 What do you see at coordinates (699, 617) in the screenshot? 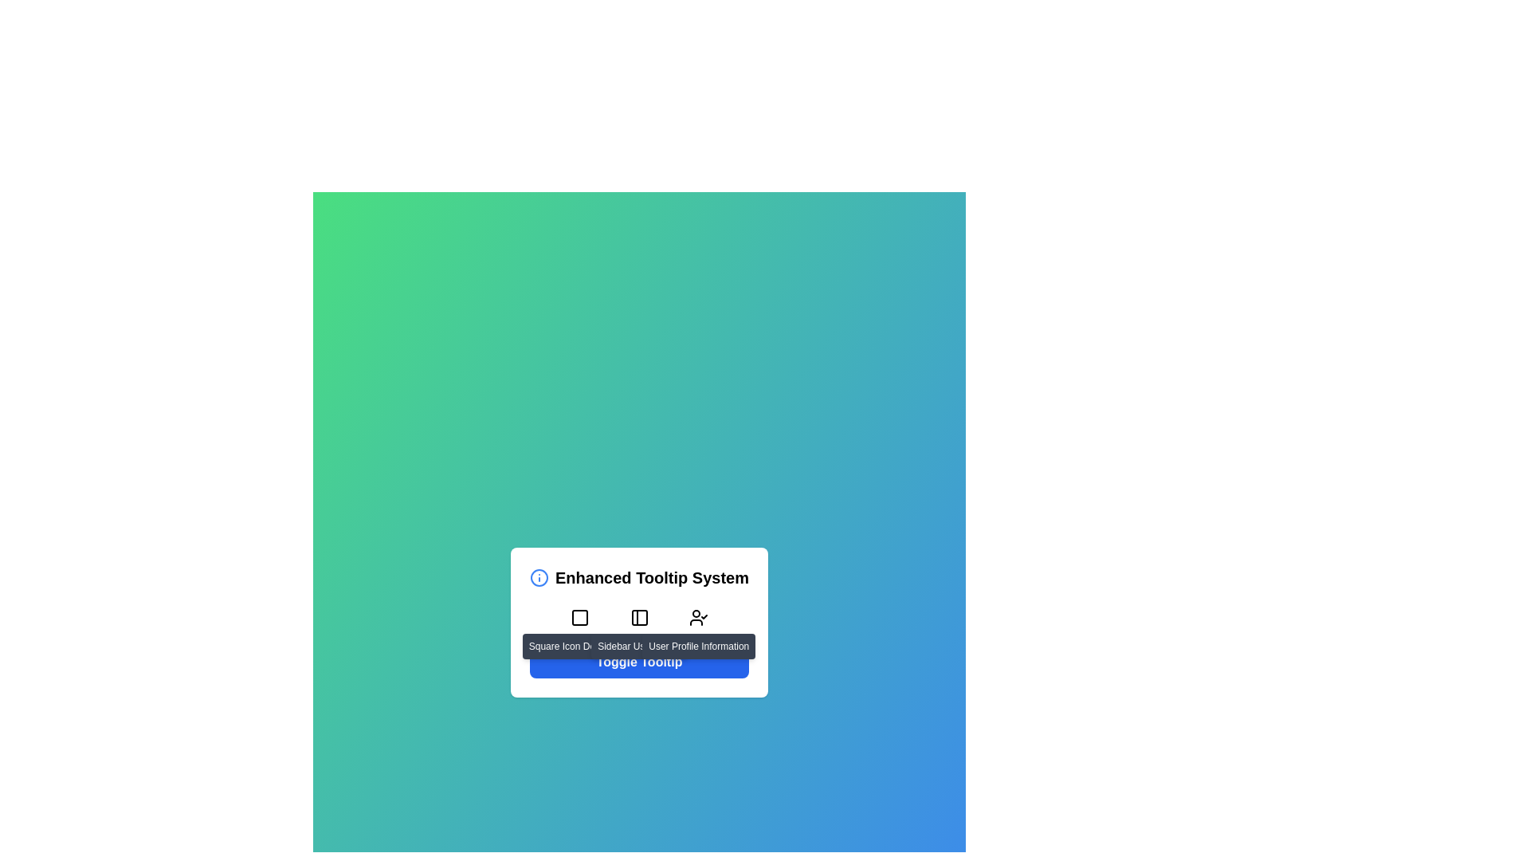
I see `the user profile icon located beneath the 'Enhanced Tooltip System' text, which is the third icon in a horizontal row of three elements` at bounding box center [699, 617].